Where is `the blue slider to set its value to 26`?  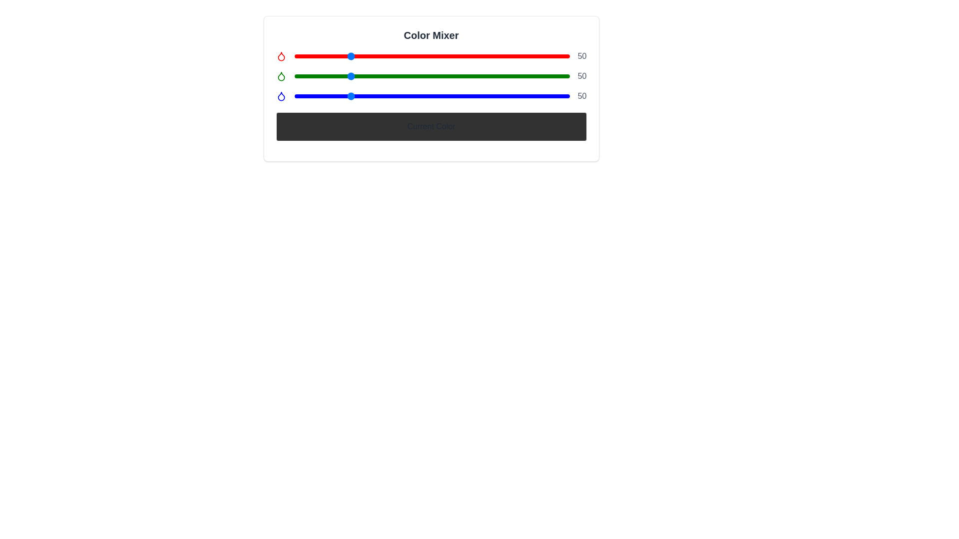 the blue slider to set its value to 26 is located at coordinates (322, 96).